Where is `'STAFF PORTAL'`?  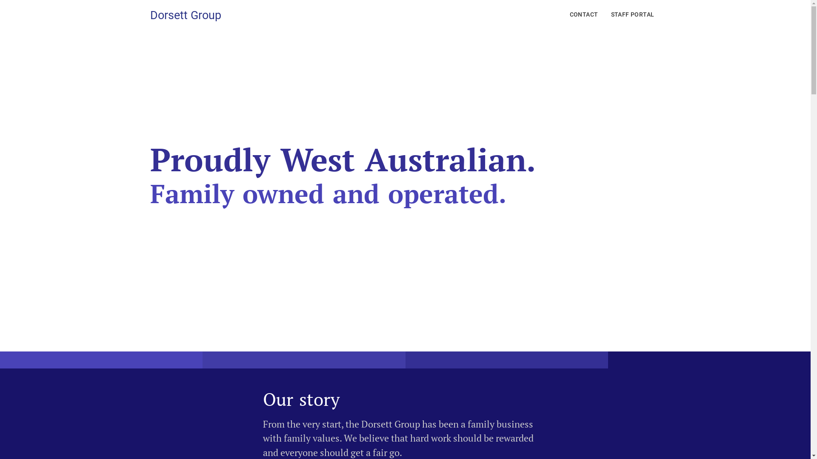 'STAFF PORTAL' is located at coordinates (633, 14).